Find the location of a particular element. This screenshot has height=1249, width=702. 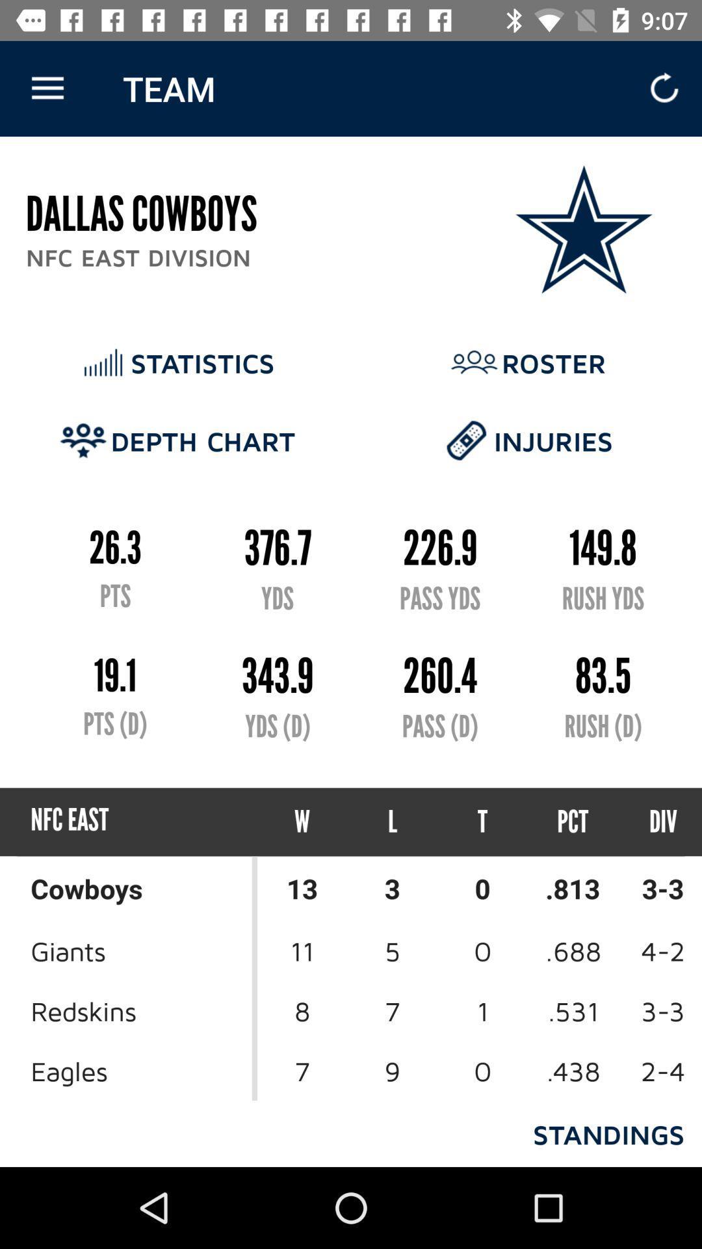

the icon below the rush (d) item is located at coordinates (572, 821).